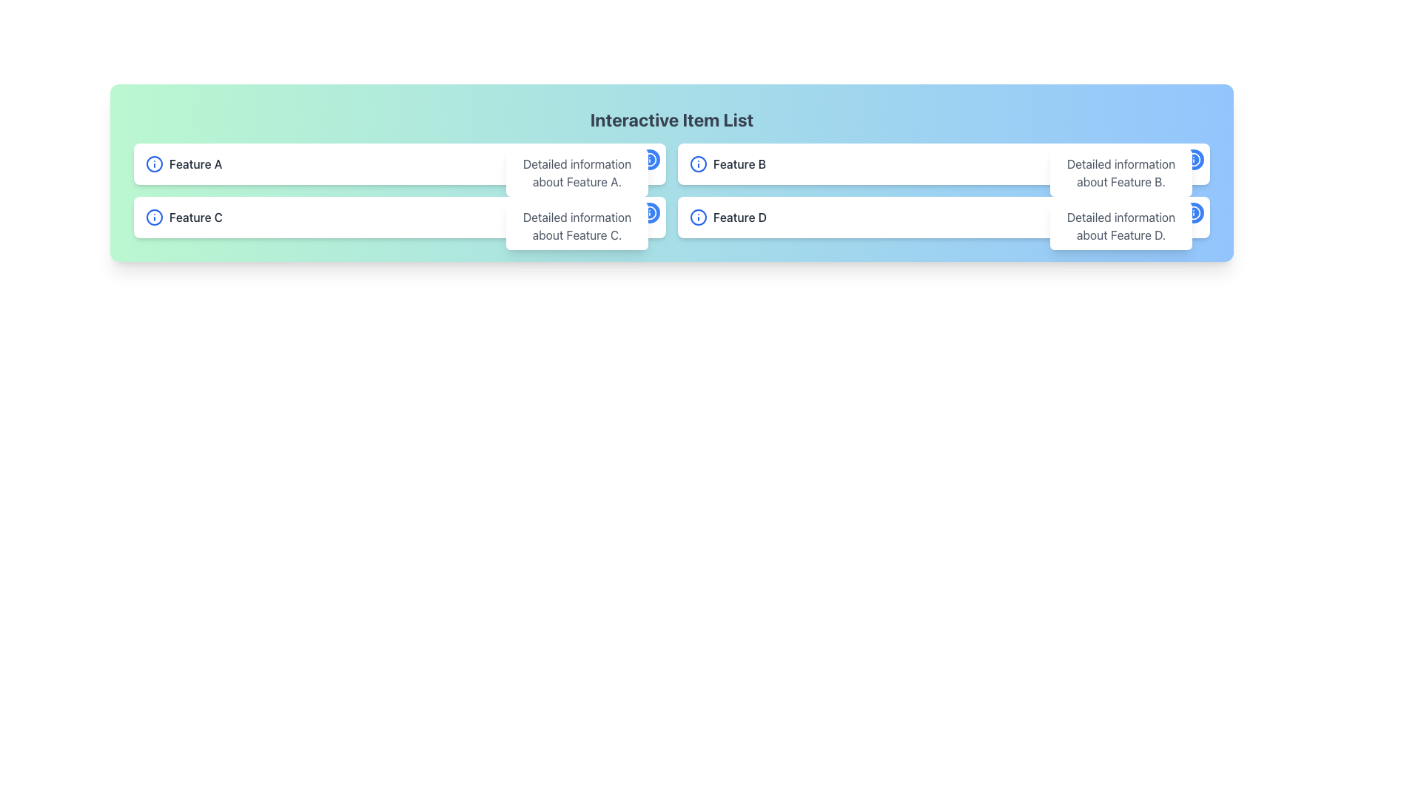 The image size is (1421, 799). I want to click on the informational icon for 'Feature B', so click(698, 164).